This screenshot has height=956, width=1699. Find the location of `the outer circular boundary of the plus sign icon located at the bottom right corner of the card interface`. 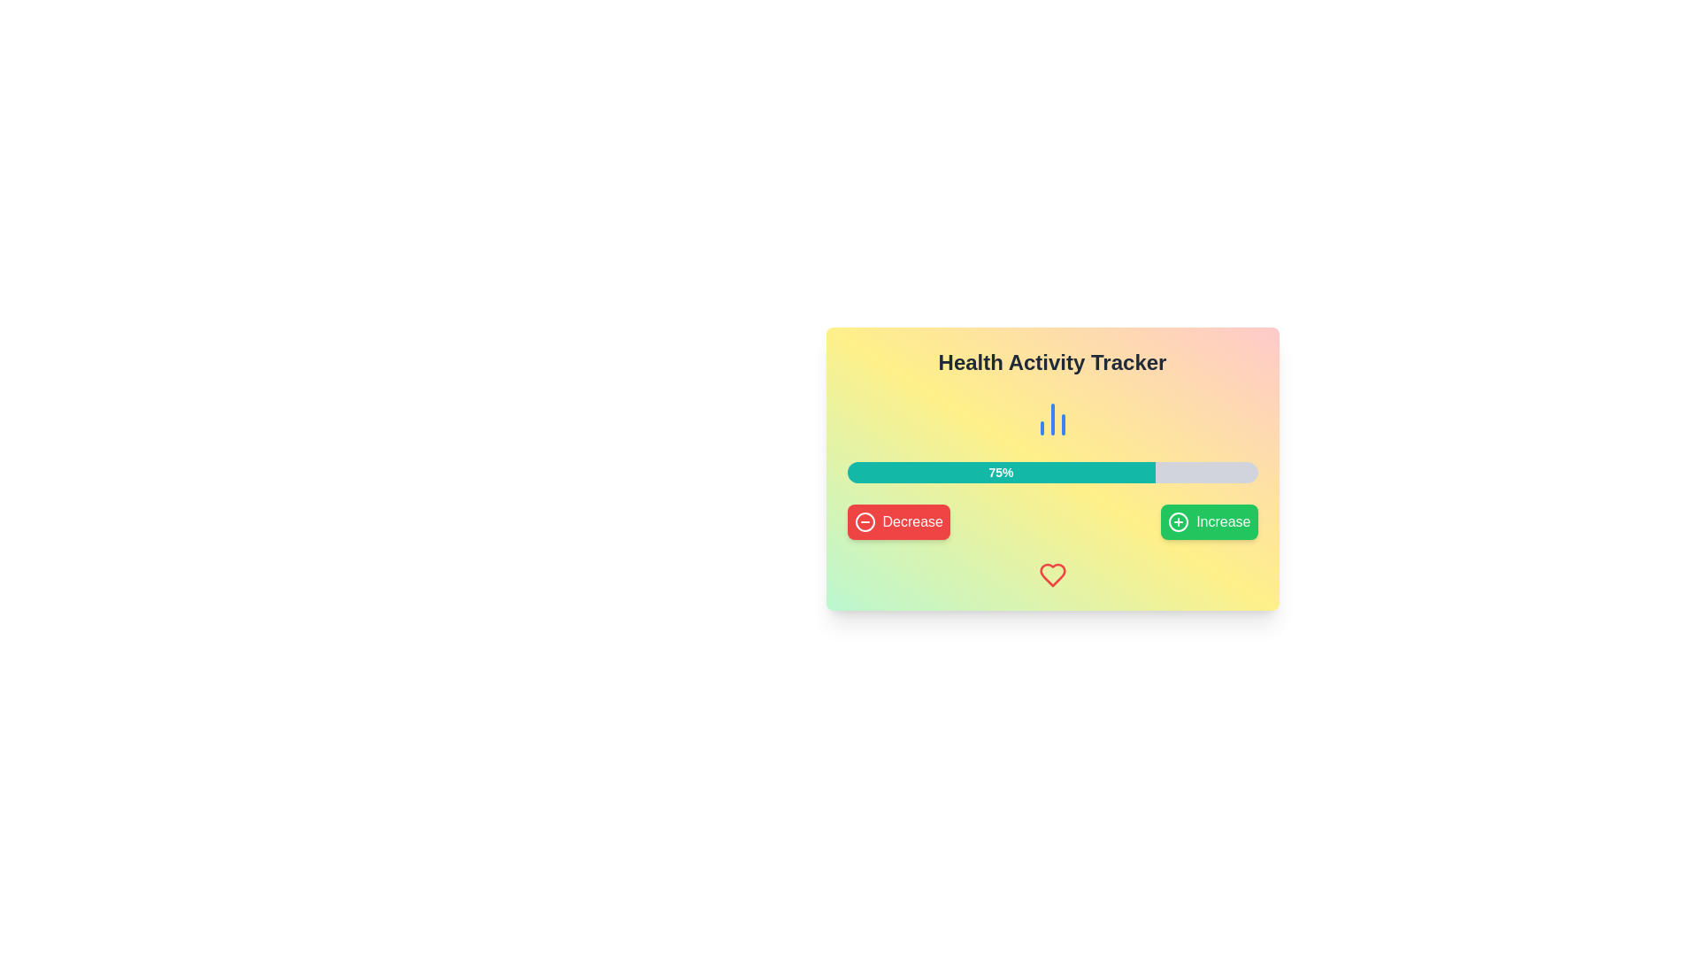

the outer circular boundary of the plus sign icon located at the bottom right corner of the card interface is located at coordinates (1178, 521).